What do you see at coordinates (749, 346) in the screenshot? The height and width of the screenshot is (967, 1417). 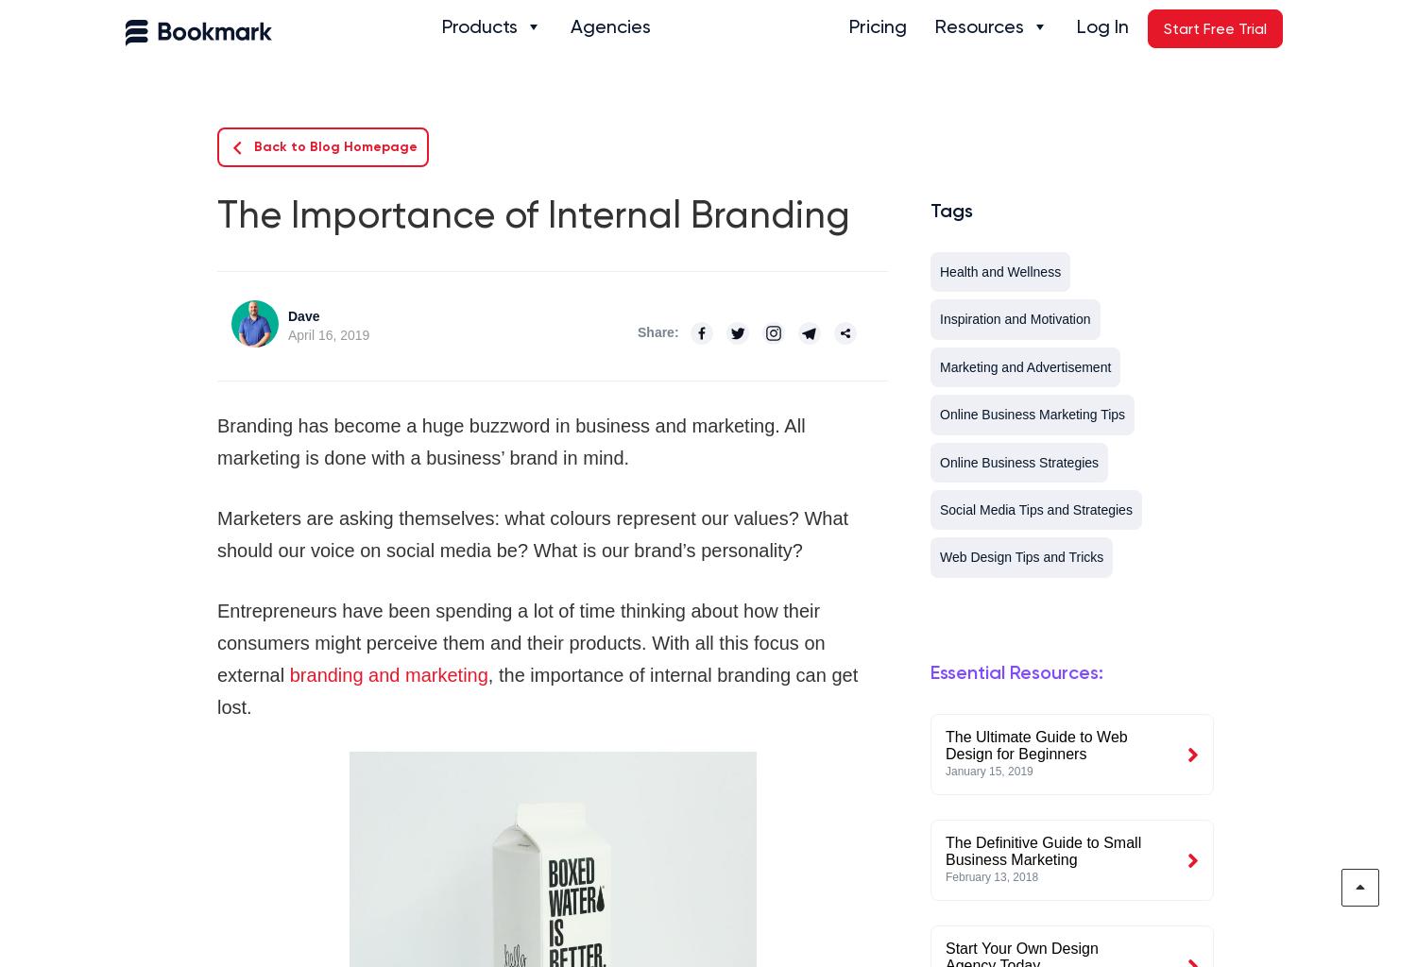 I see `'Build trust by connecting your custom email to your website.'` at bounding box center [749, 346].